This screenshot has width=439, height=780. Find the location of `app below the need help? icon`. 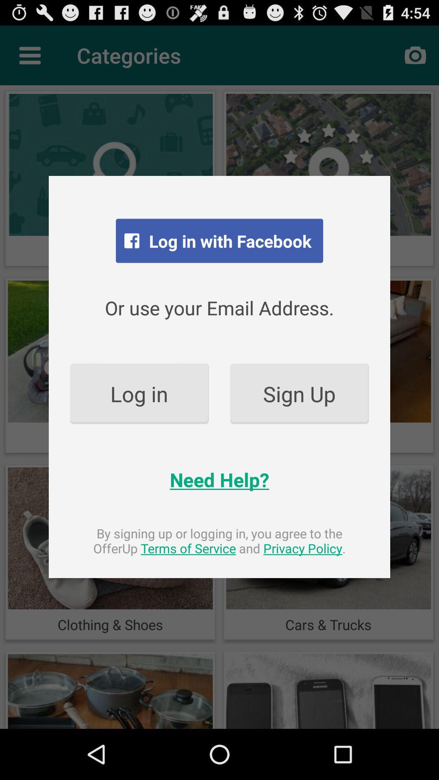

app below the need help? icon is located at coordinates (219, 541).